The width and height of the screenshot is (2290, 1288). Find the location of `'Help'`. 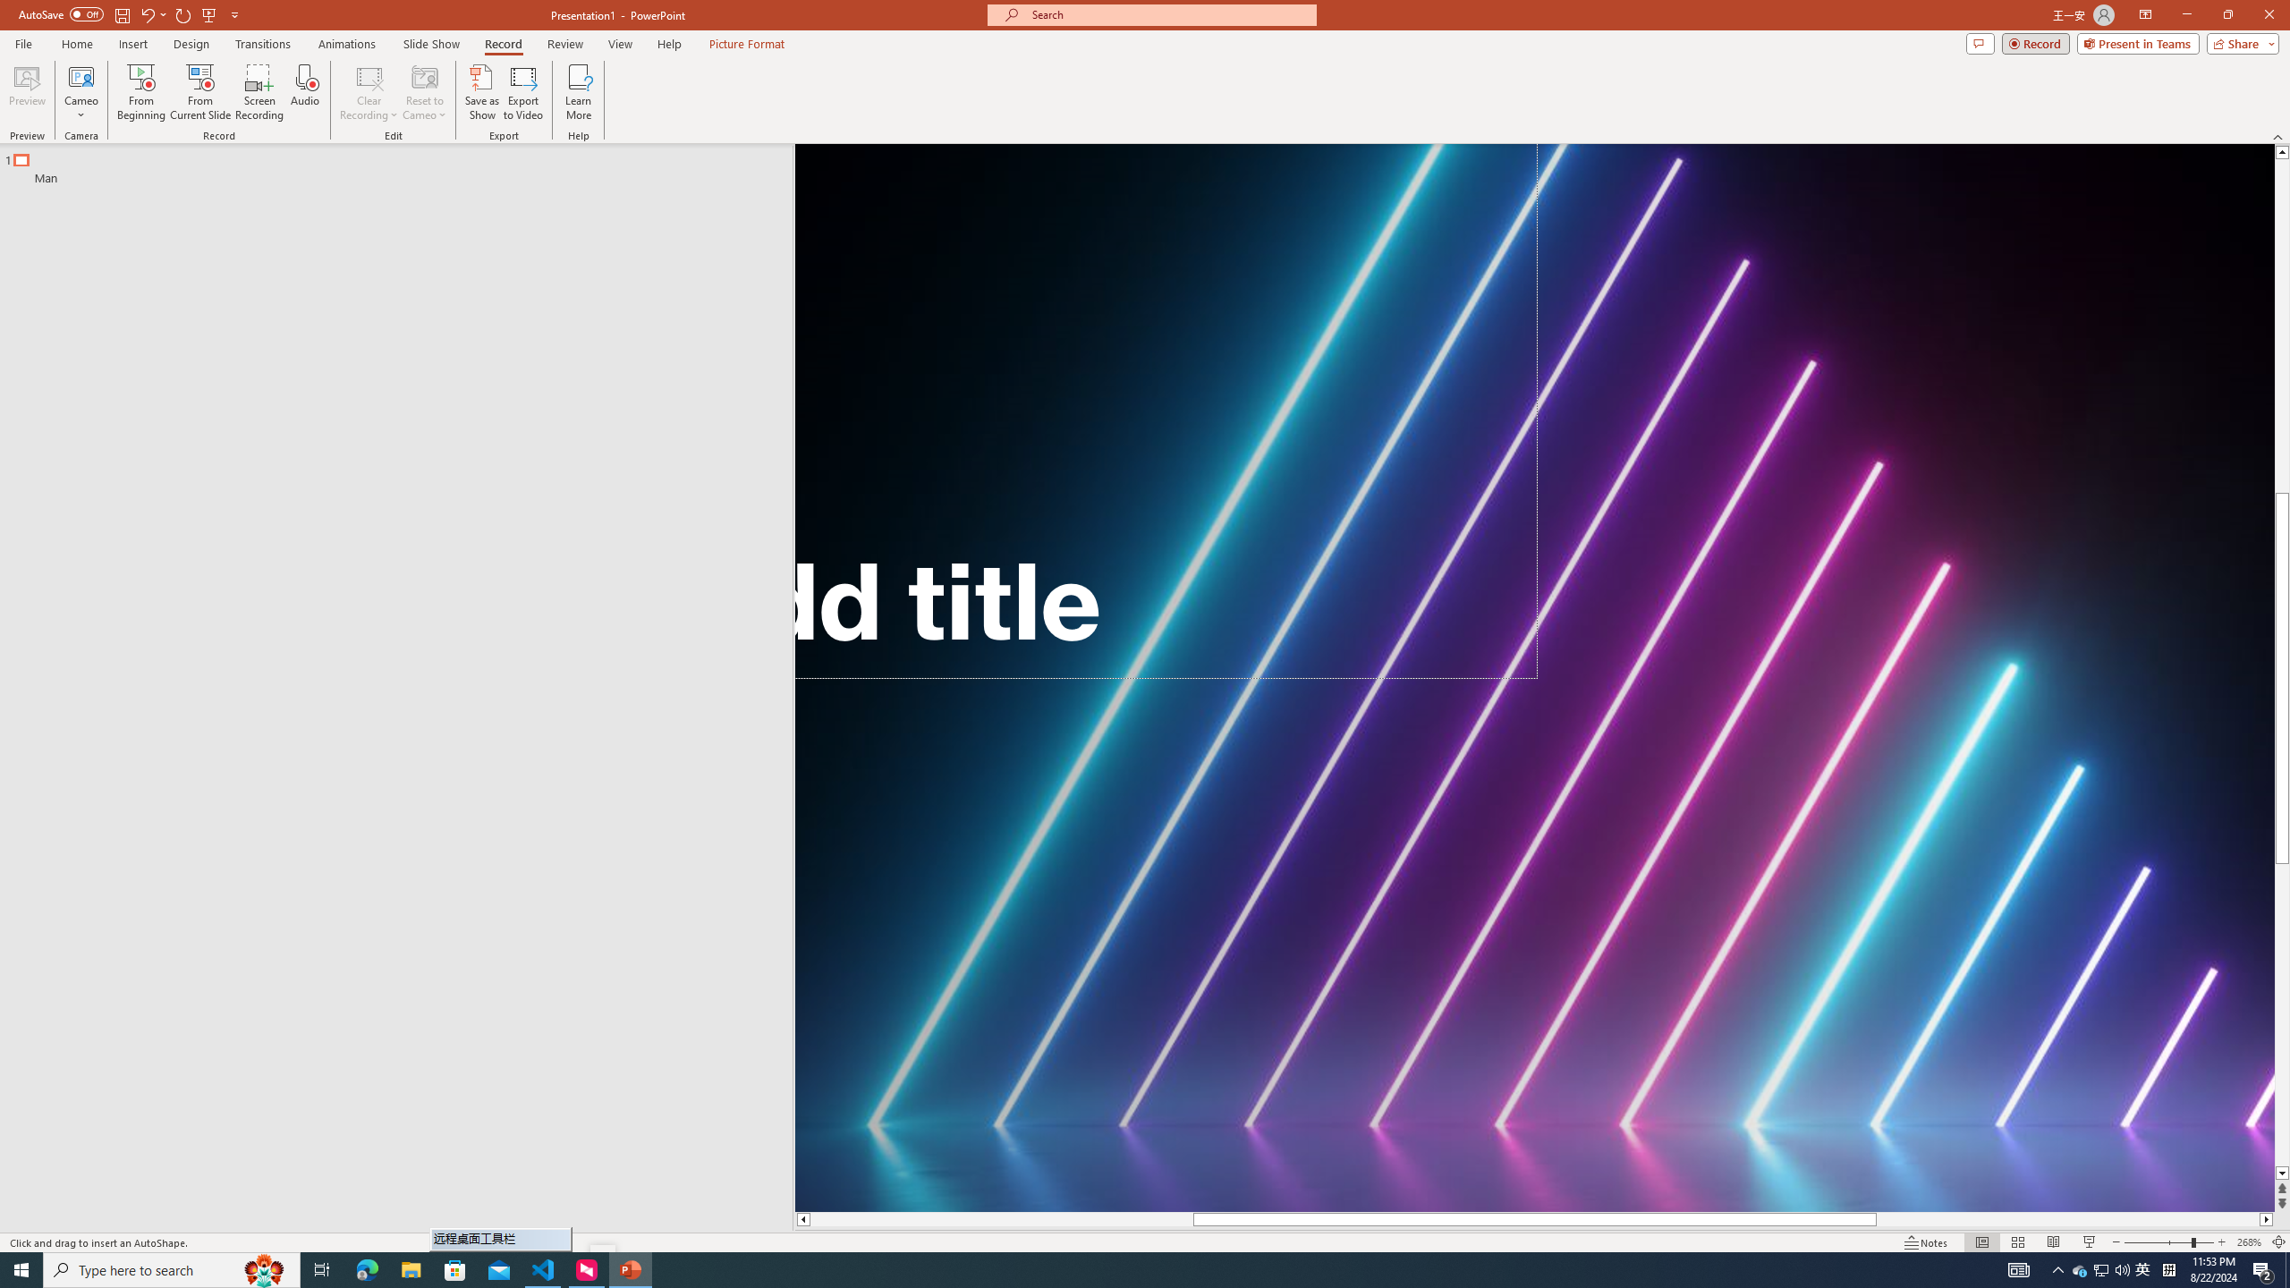

'Help' is located at coordinates (668, 44).